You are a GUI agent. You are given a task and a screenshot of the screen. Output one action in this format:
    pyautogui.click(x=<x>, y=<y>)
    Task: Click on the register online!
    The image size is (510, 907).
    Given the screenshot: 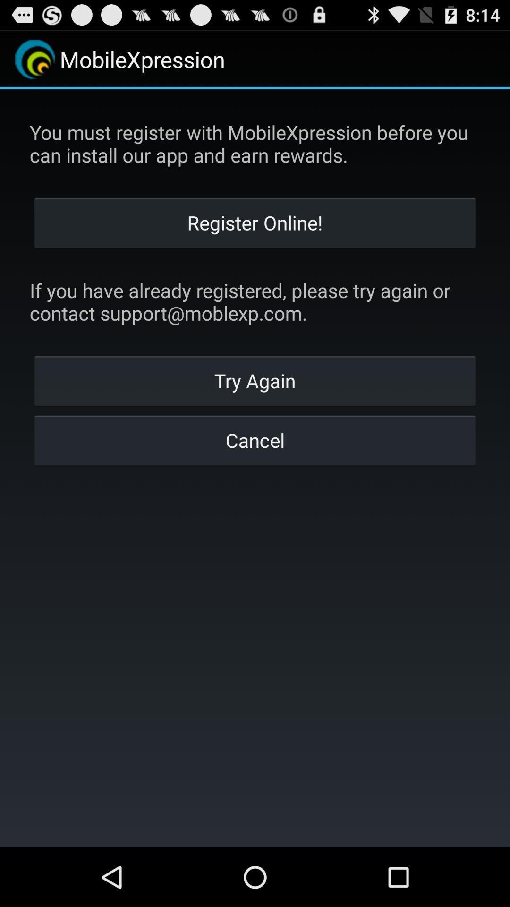 What is the action you would take?
    pyautogui.click(x=255, y=222)
    